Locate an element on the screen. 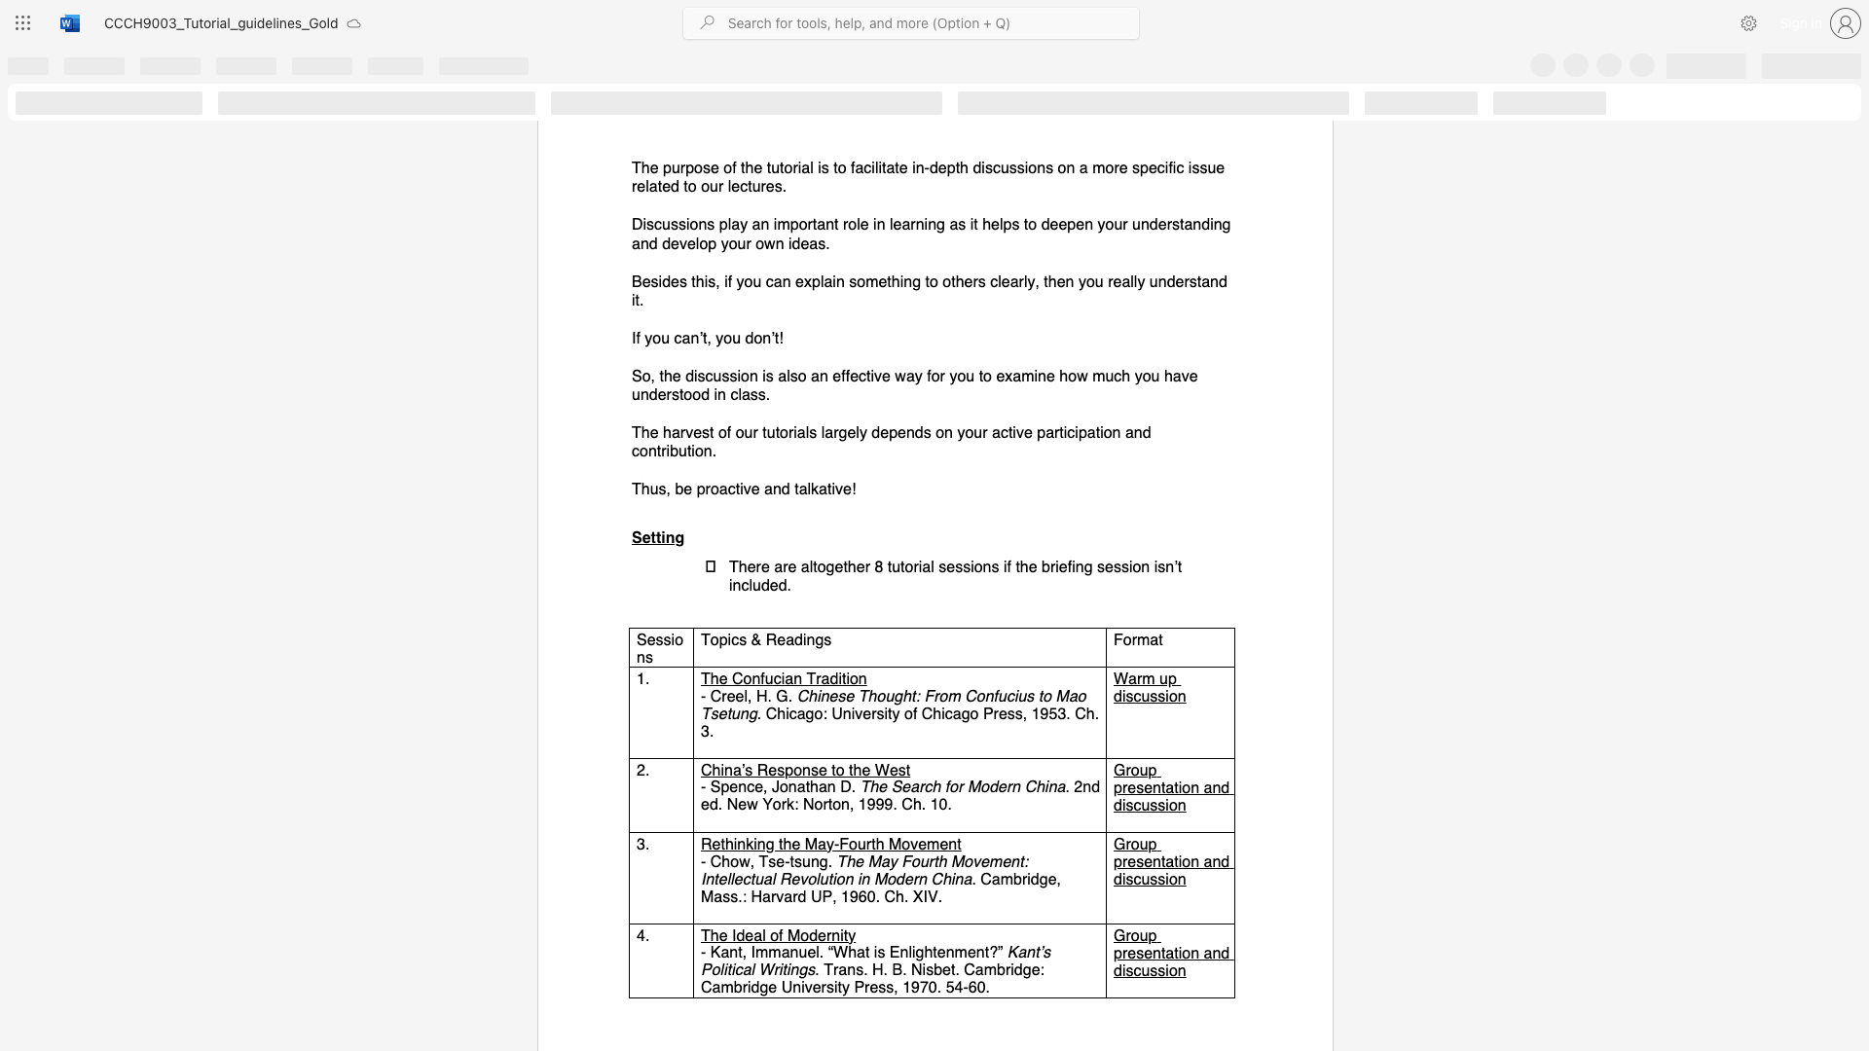 The height and width of the screenshot is (1051, 1869). the 3th character "e" in the text is located at coordinates (864, 769).